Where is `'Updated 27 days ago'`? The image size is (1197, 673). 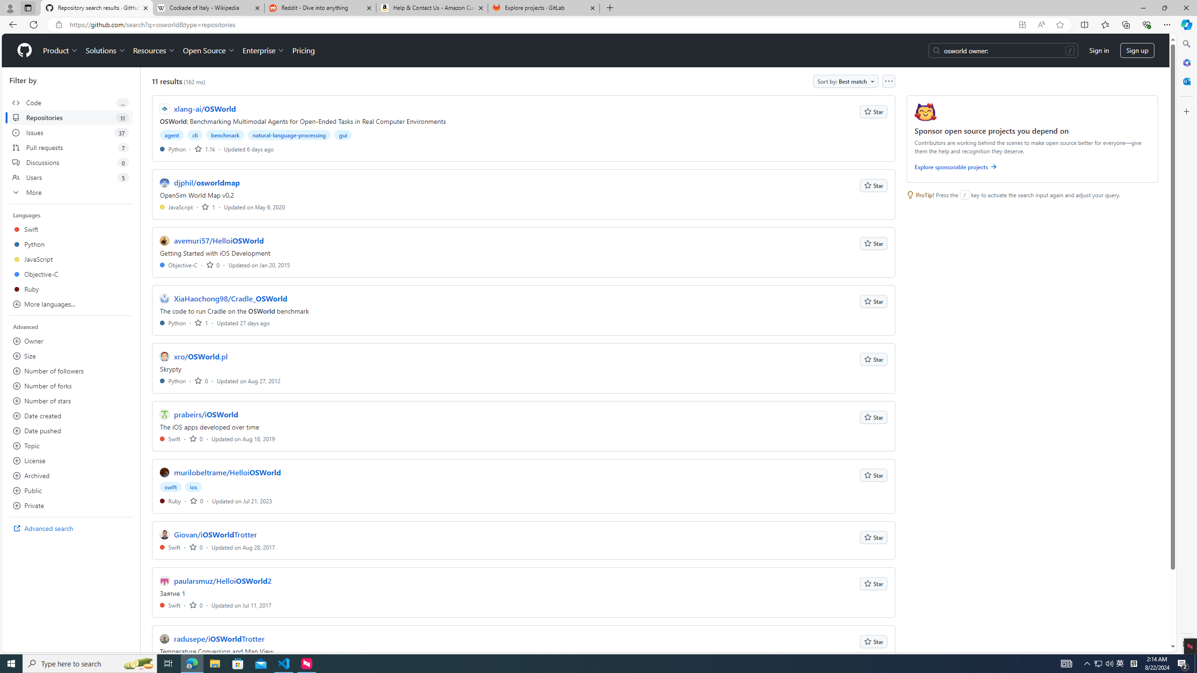 'Updated 27 days ago' is located at coordinates (242, 322).